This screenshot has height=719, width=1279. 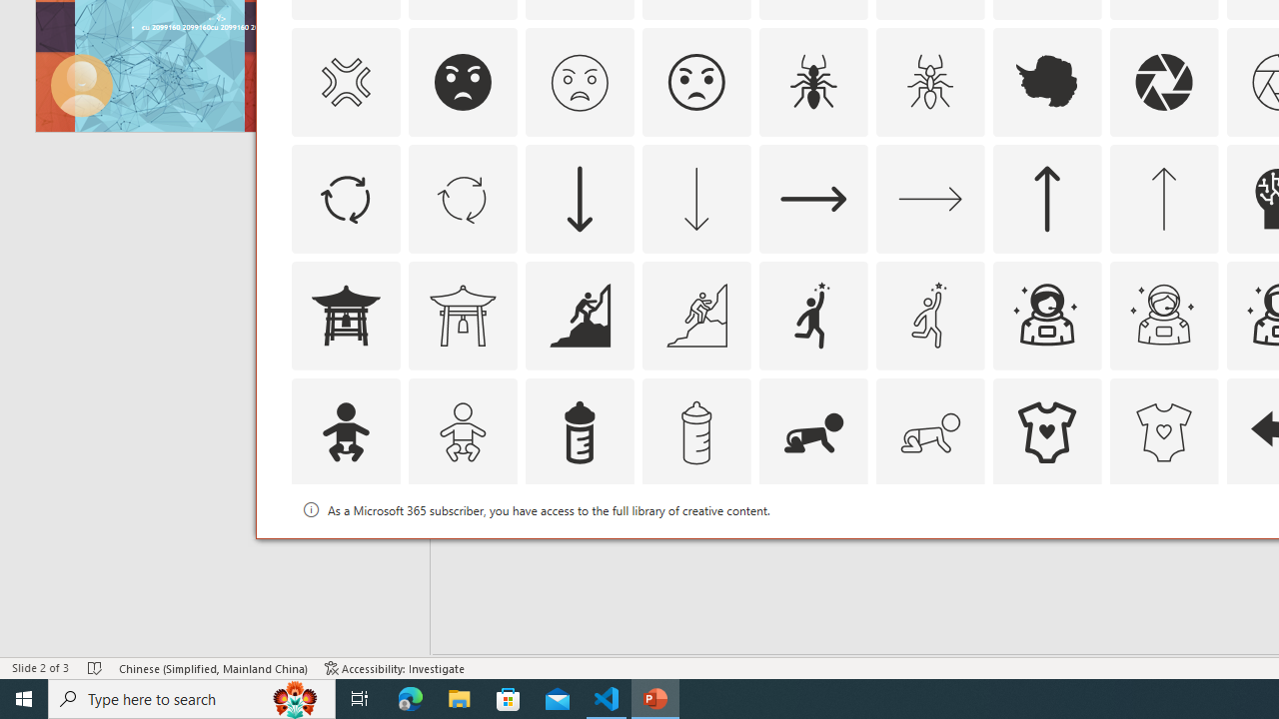 I want to click on 'AutomationID: Icons_ArrowRight_M', so click(x=928, y=198).